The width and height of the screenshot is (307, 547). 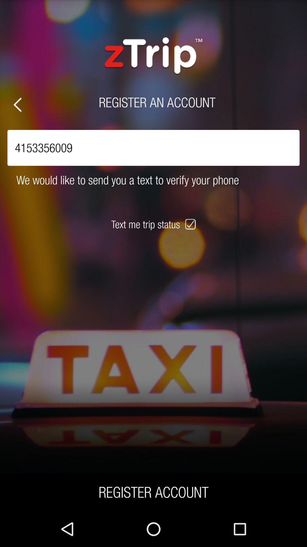 I want to click on 4153356009 icon, so click(x=153, y=148).